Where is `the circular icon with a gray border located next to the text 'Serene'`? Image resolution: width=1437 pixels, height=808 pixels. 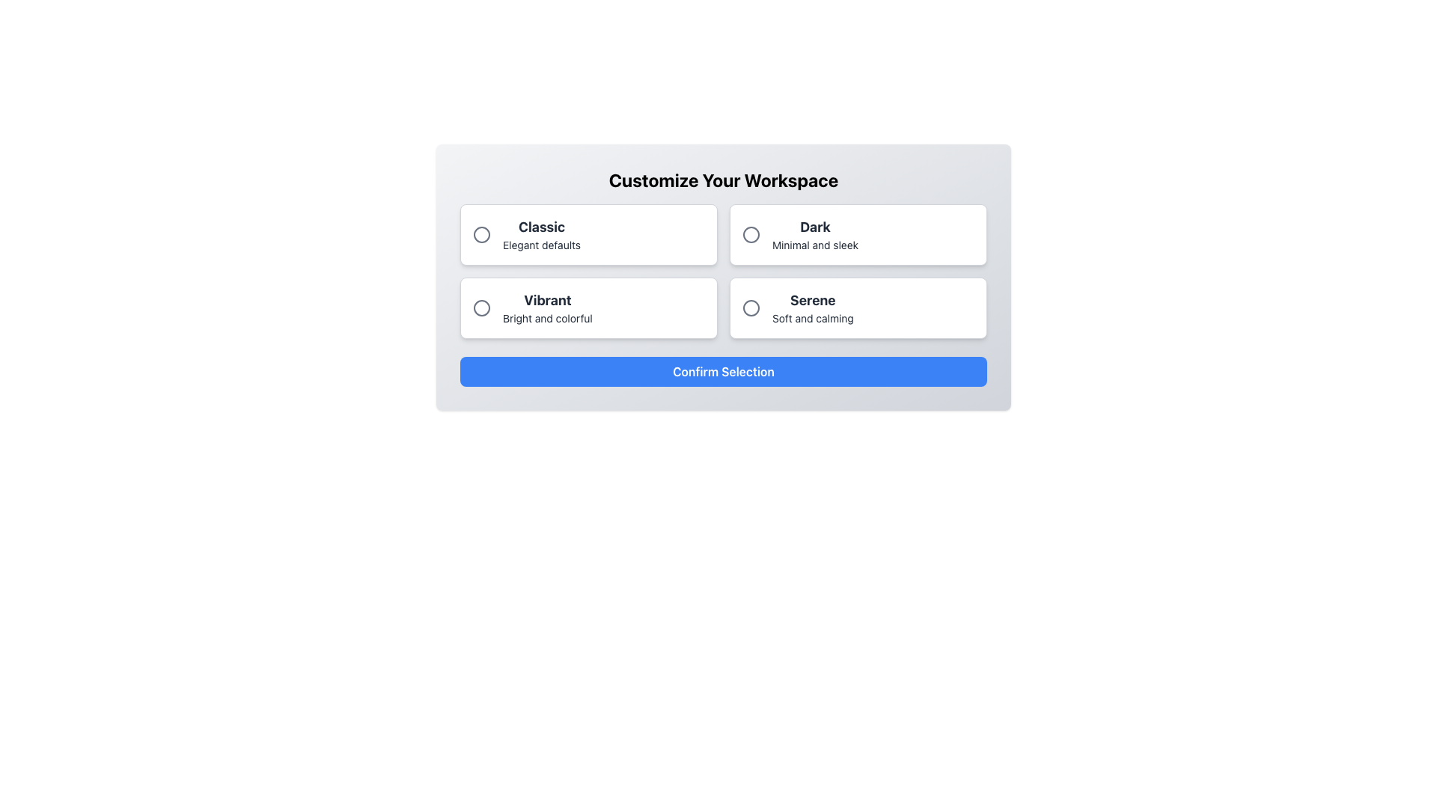 the circular icon with a gray border located next to the text 'Serene' is located at coordinates (751, 307).